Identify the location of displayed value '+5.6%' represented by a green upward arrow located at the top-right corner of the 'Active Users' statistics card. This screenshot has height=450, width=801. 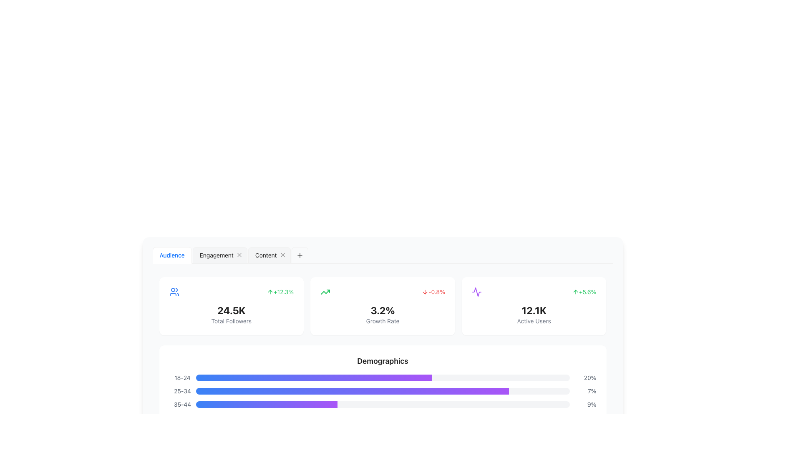
(584, 292).